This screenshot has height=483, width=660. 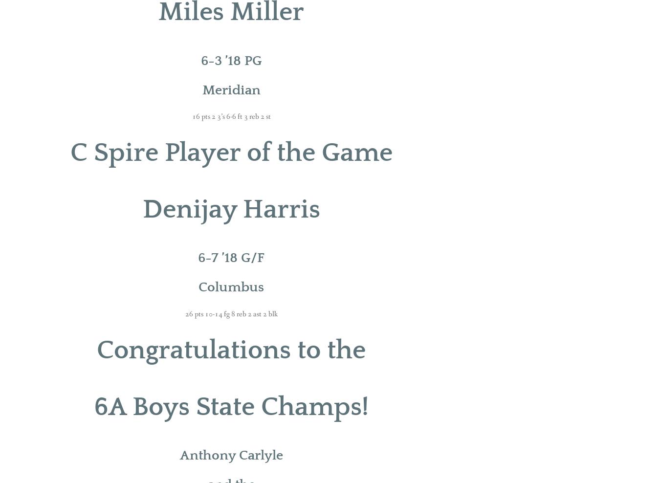 What do you see at coordinates (231, 257) in the screenshot?
I see `'6-7 ’18 G/F'` at bounding box center [231, 257].